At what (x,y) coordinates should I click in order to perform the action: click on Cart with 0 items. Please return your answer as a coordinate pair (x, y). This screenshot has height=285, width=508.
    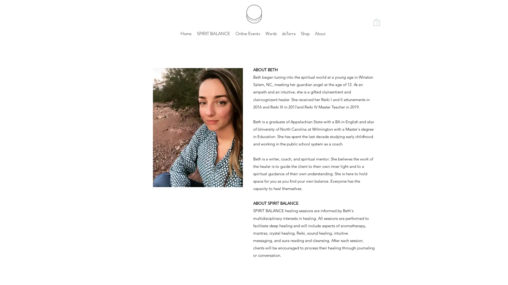
    Looking at the image, I should click on (377, 22).